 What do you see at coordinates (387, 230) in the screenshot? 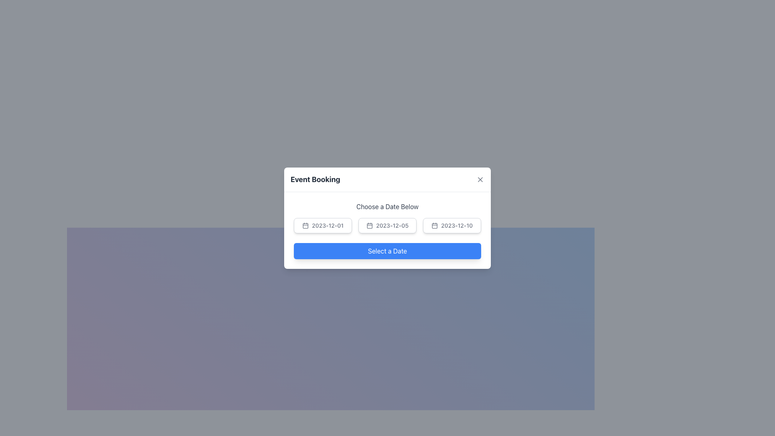
I see `the button with the text '2023-12-05' and a calendar icon` at bounding box center [387, 230].